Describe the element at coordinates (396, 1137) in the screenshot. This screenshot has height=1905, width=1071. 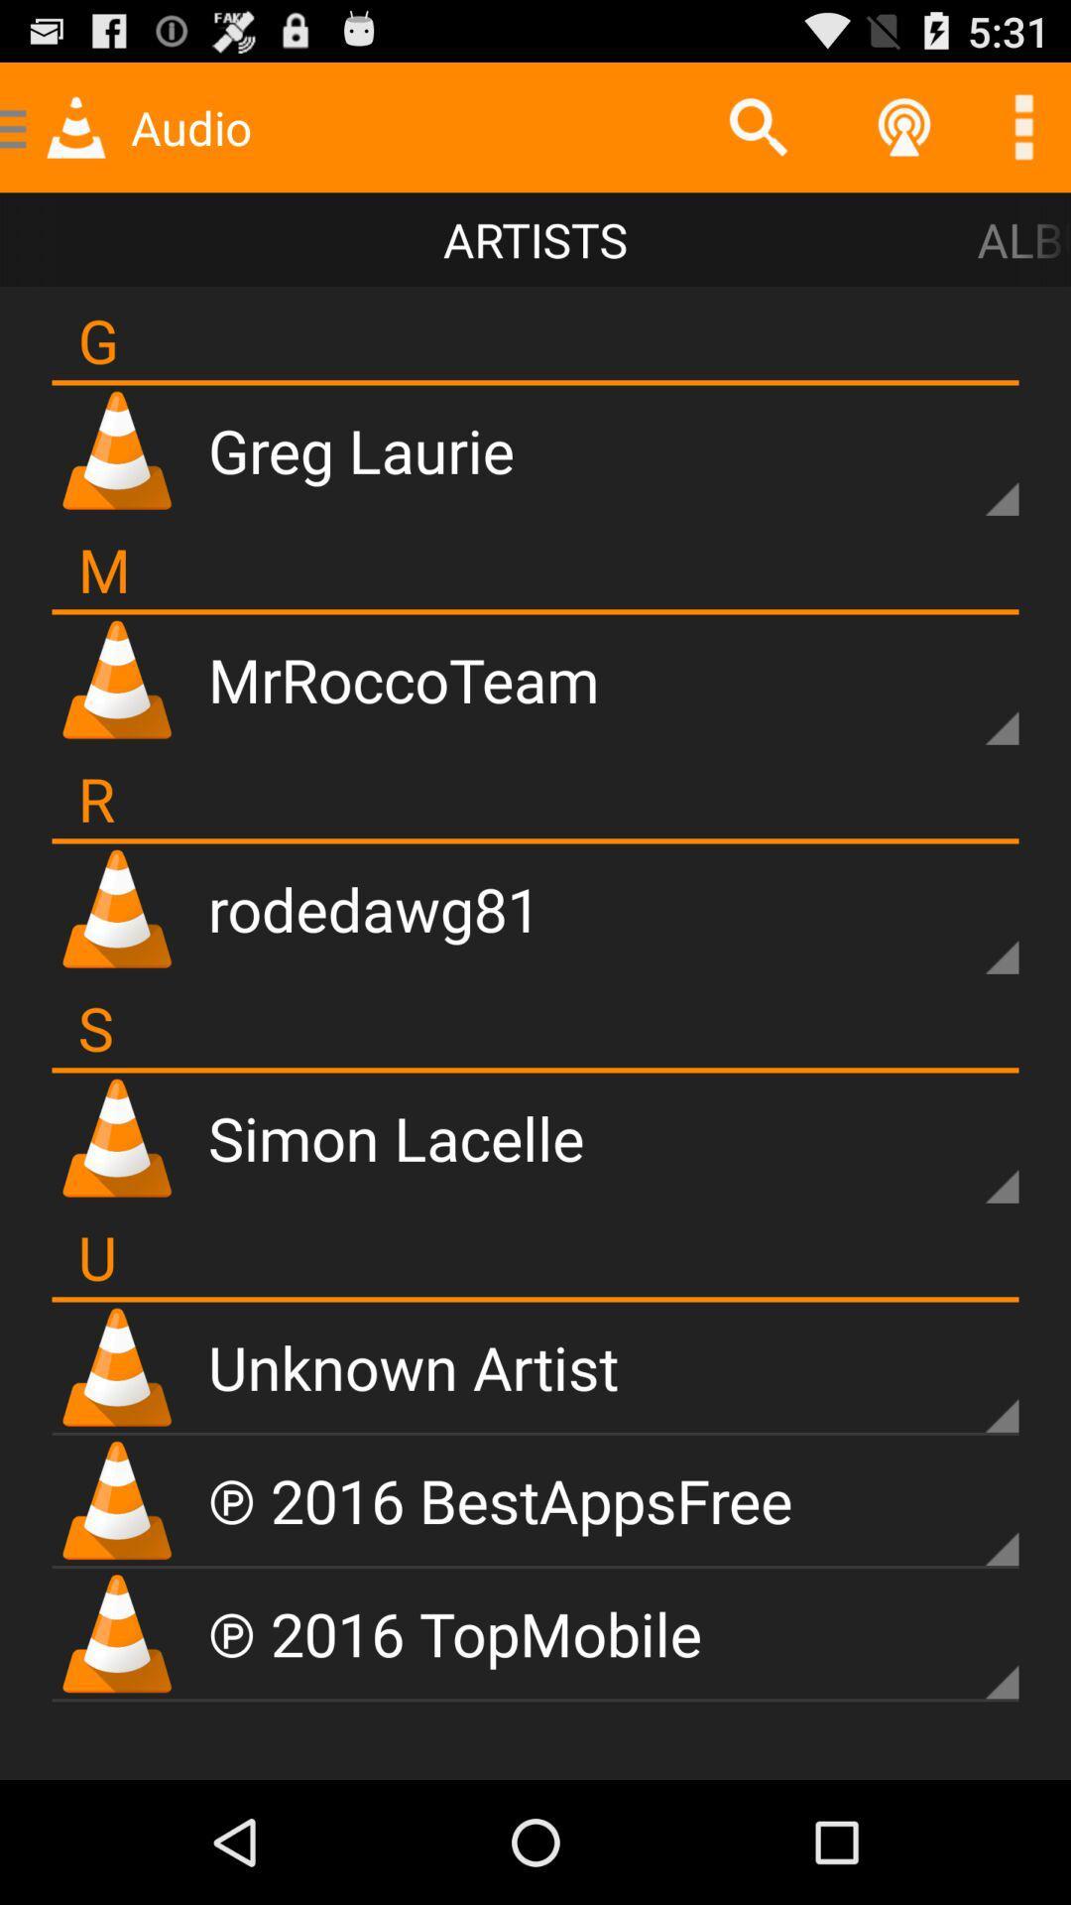
I see `the simon lacelle app` at that location.